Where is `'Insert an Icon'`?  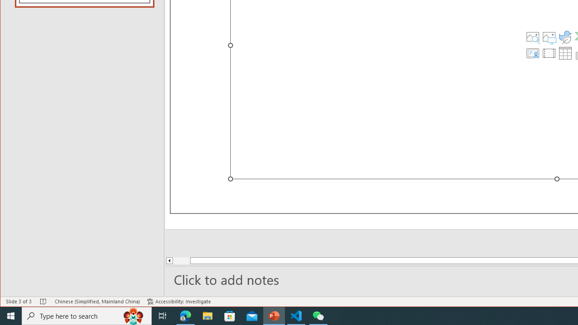
'Insert an Icon' is located at coordinates (565, 37).